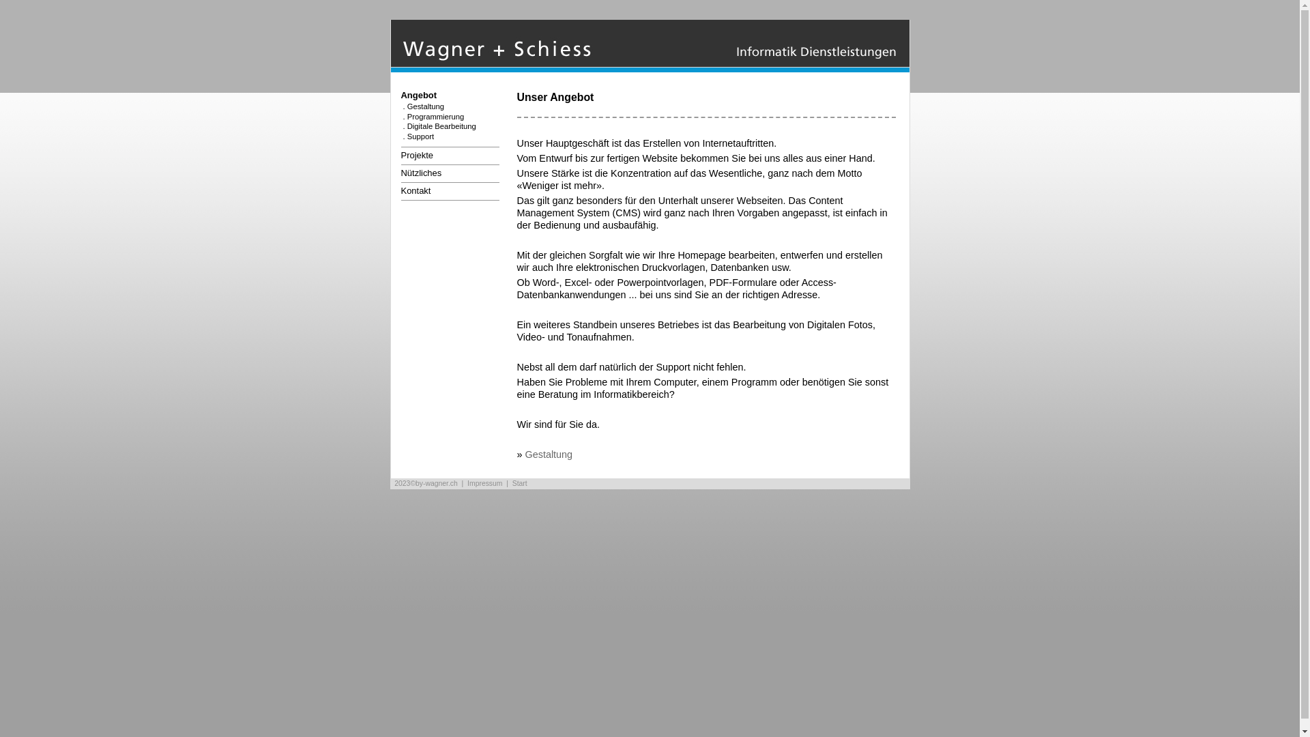 The image size is (1310, 737). What do you see at coordinates (484, 482) in the screenshot?
I see `'Impressum'` at bounding box center [484, 482].